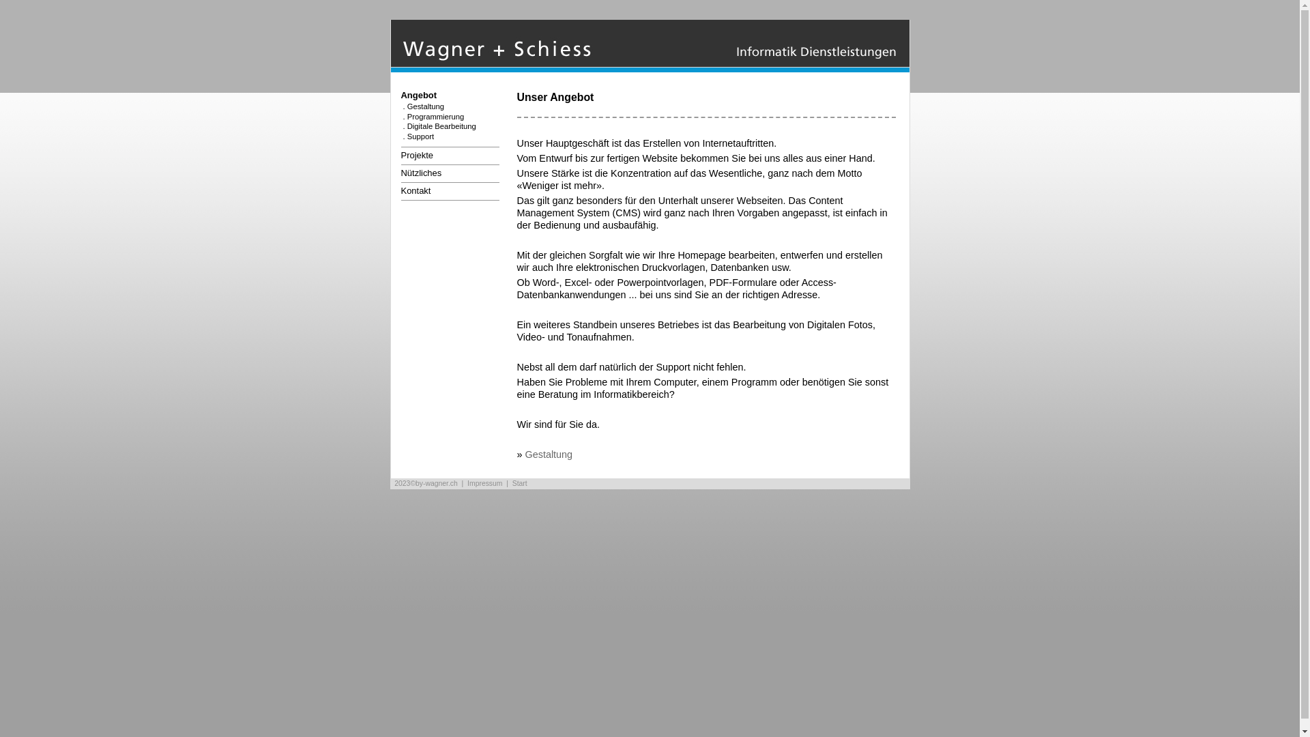 The image size is (1310, 737). What do you see at coordinates (484, 482) in the screenshot?
I see `'Impressum'` at bounding box center [484, 482].